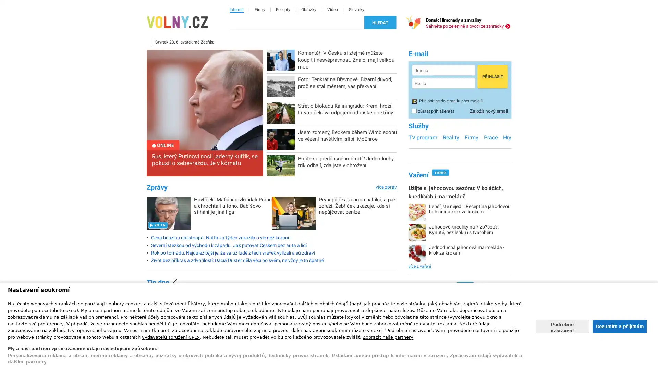  Describe the element at coordinates (619, 326) in the screenshot. I see `Souhlasit s nasim zpracovanim udaju a zavrit` at that location.